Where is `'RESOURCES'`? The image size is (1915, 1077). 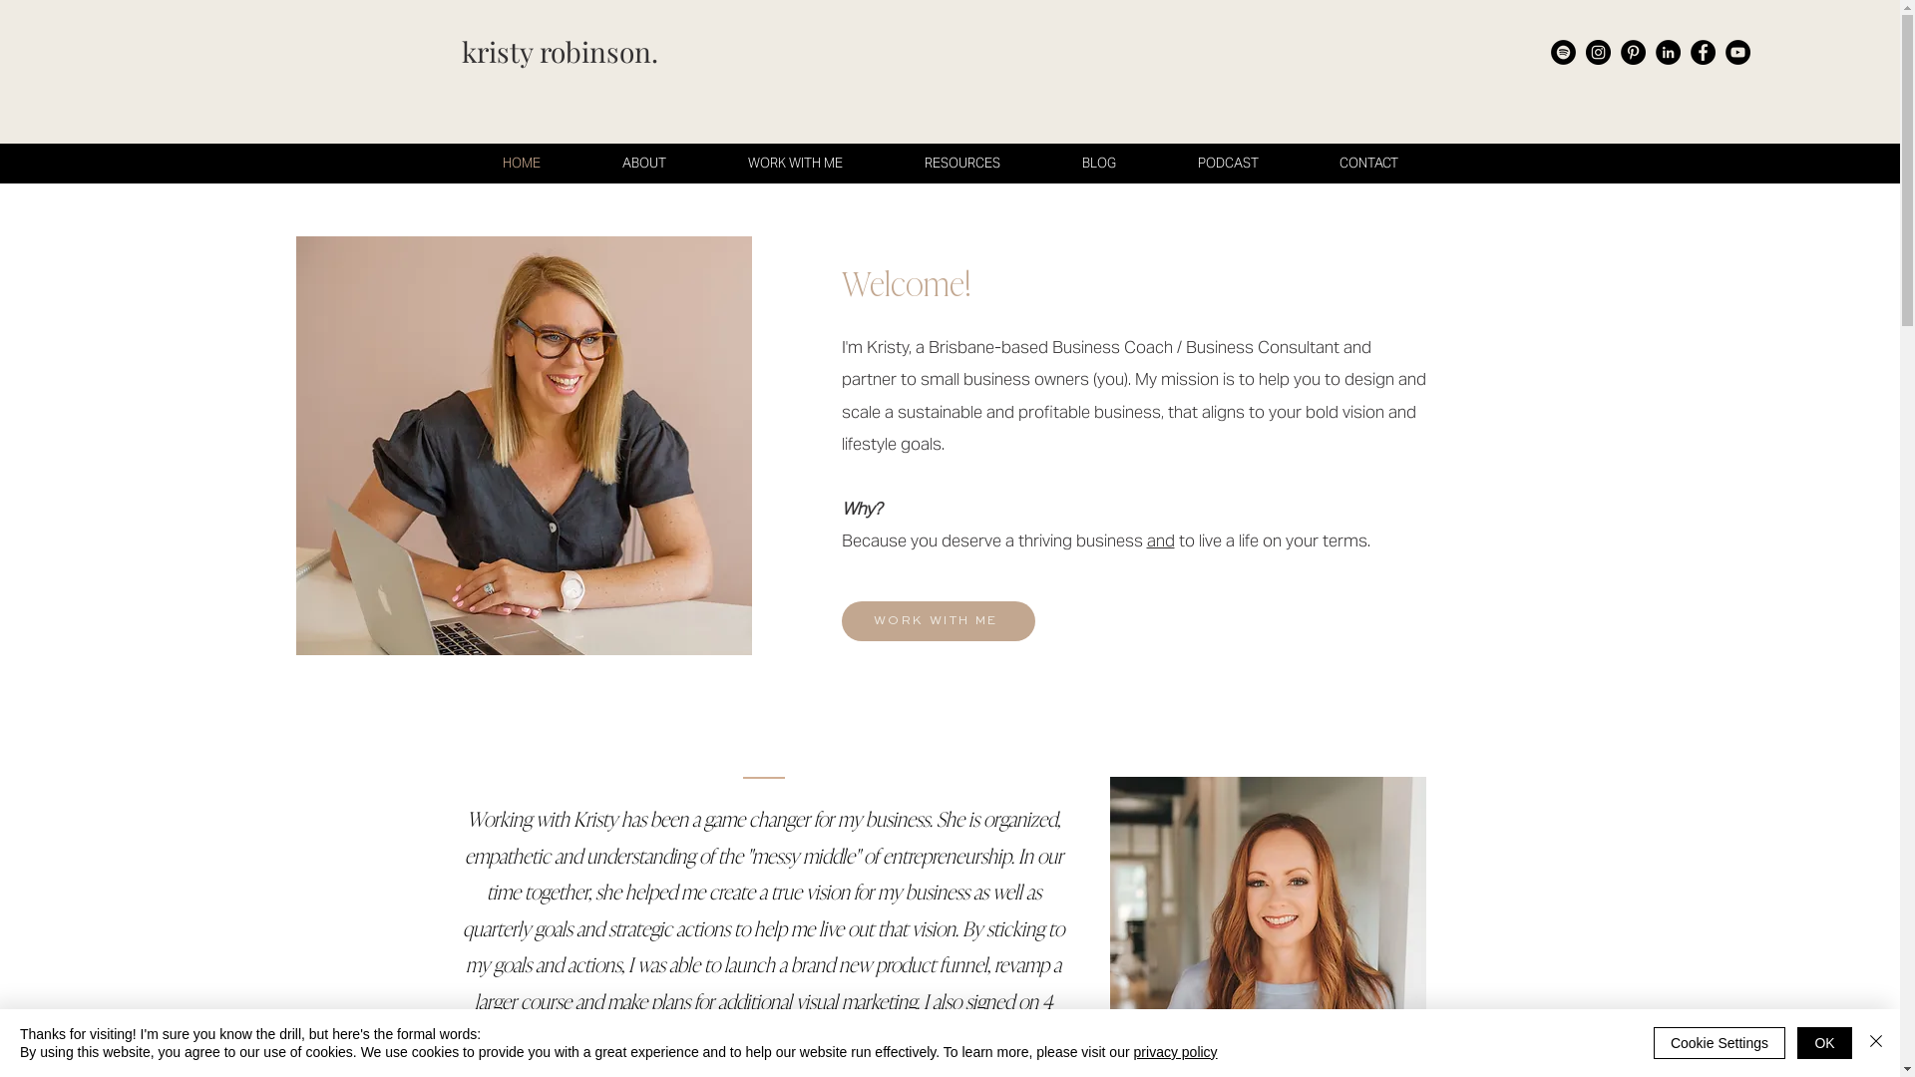 'RESOURCES' is located at coordinates (961, 163).